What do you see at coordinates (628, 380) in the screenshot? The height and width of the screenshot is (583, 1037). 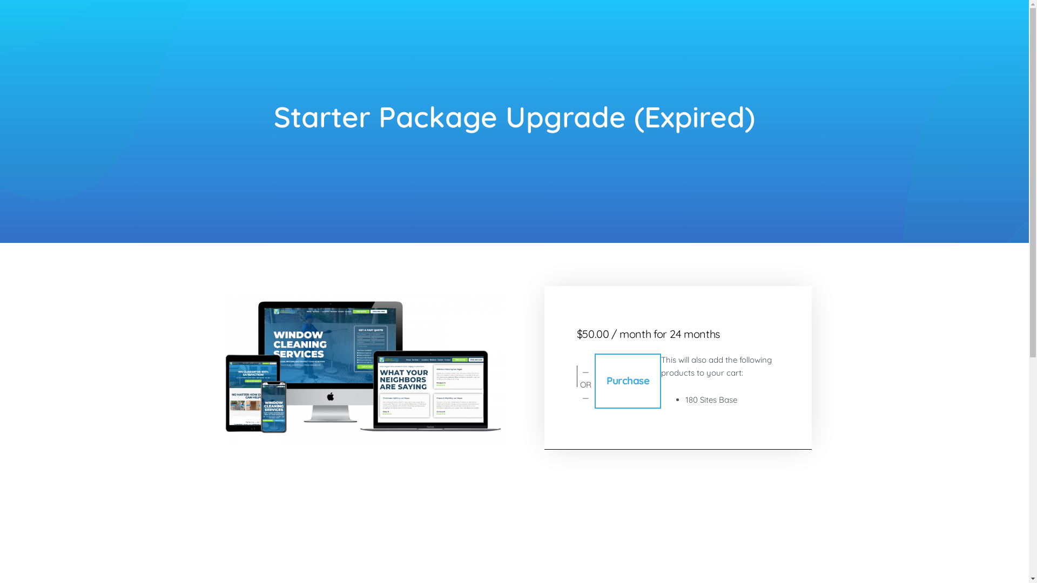 I see `'Purchase'` at bounding box center [628, 380].